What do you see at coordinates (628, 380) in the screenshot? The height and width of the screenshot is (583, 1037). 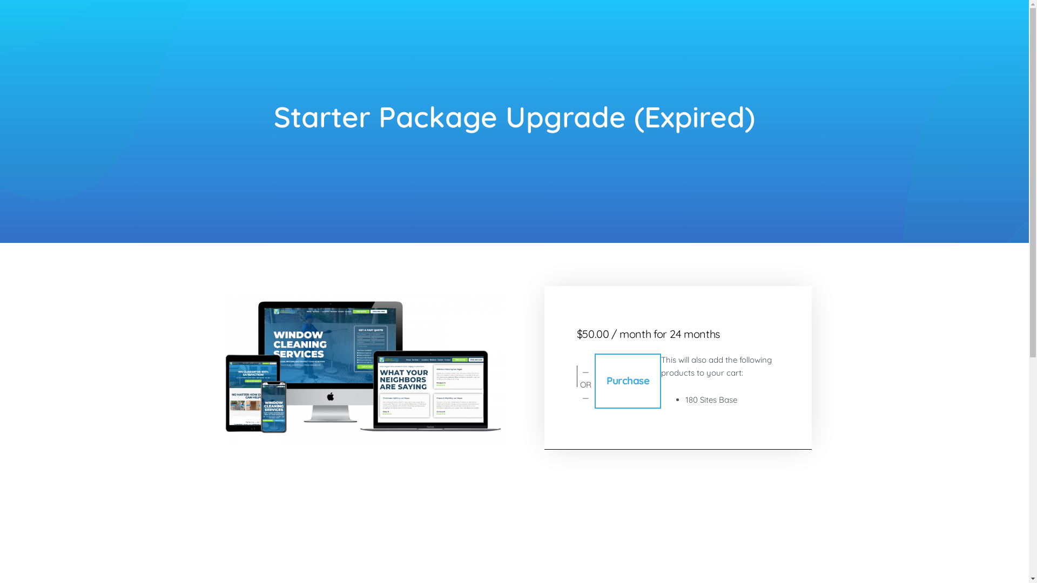 I see `'Purchase'` at bounding box center [628, 380].